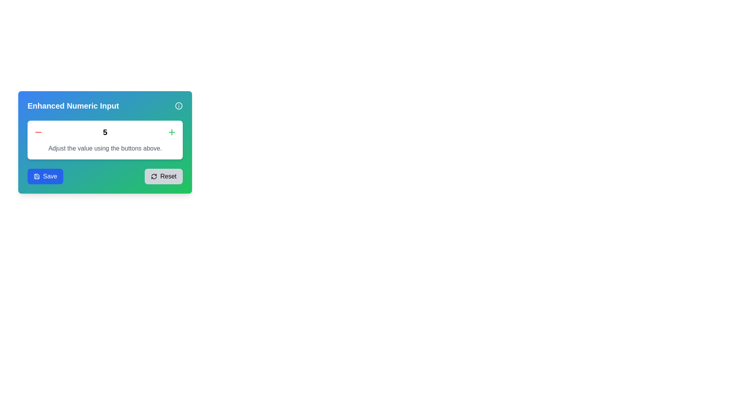 The height and width of the screenshot is (419, 745). What do you see at coordinates (50, 177) in the screenshot?
I see `the 'Save' text label within the blue button located at the bottom-left corner of the card` at bounding box center [50, 177].